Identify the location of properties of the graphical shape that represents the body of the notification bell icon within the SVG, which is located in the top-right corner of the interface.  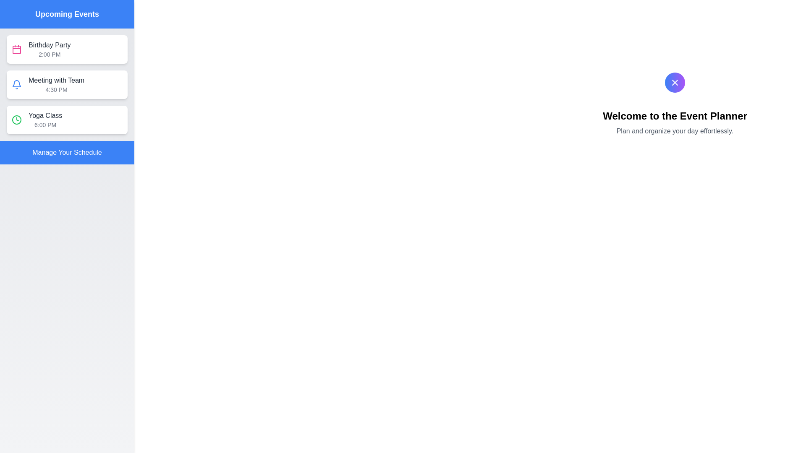
(16, 83).